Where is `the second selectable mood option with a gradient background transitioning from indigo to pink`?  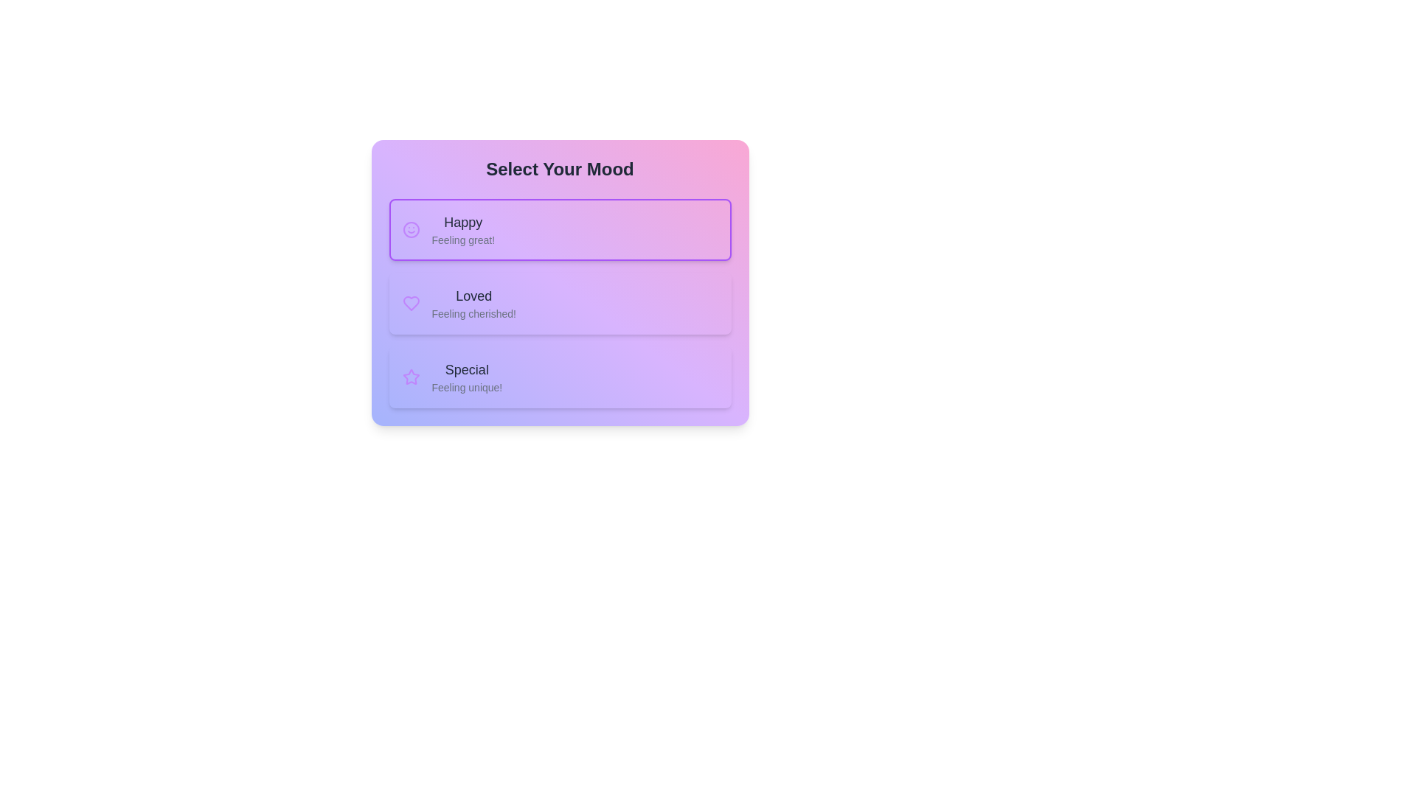 the second selectable mood option with a gradient background transitioning from indigo to pink is located at coordinates (559, 283).